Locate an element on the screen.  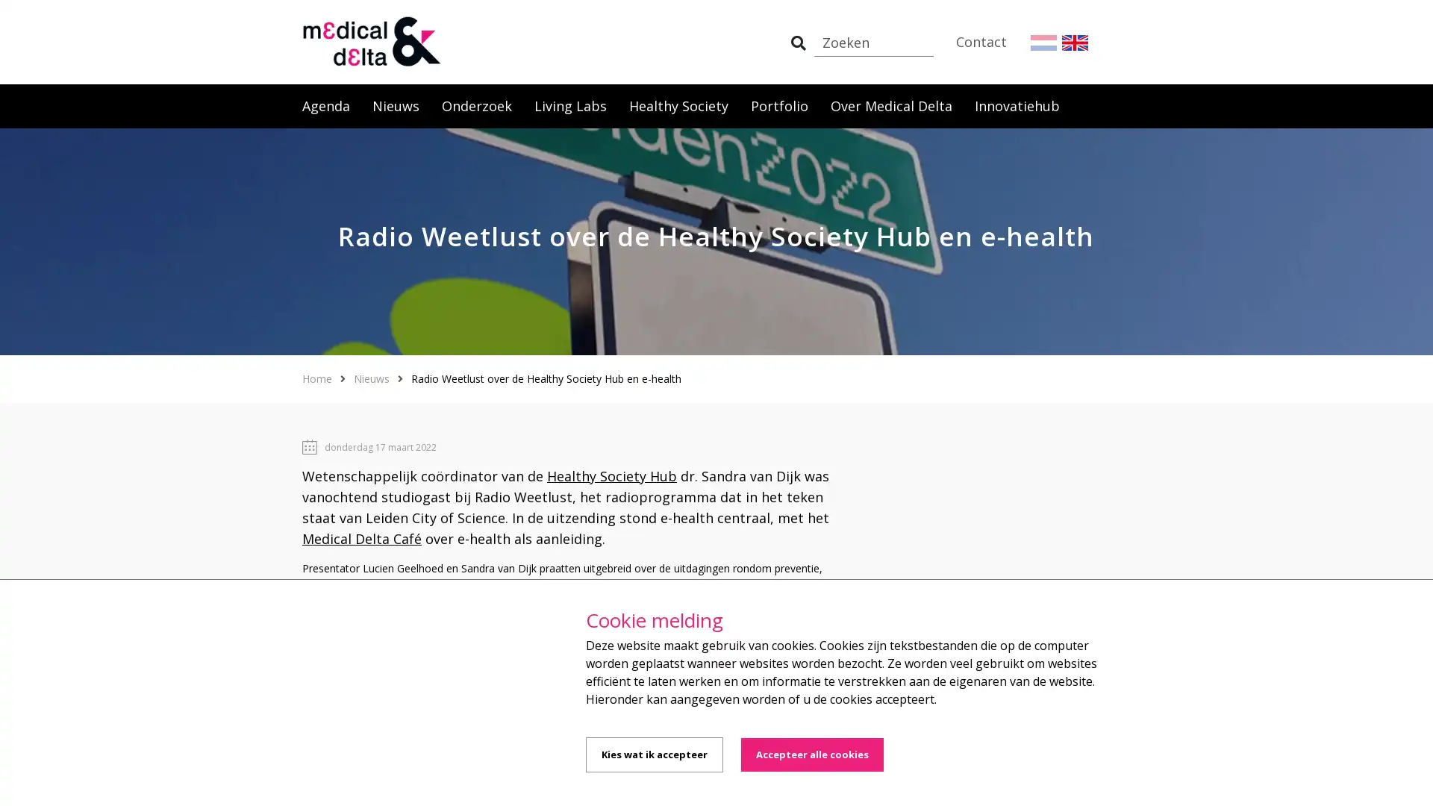
Kies wat ik accepteer is located at coordinates (655, 755).